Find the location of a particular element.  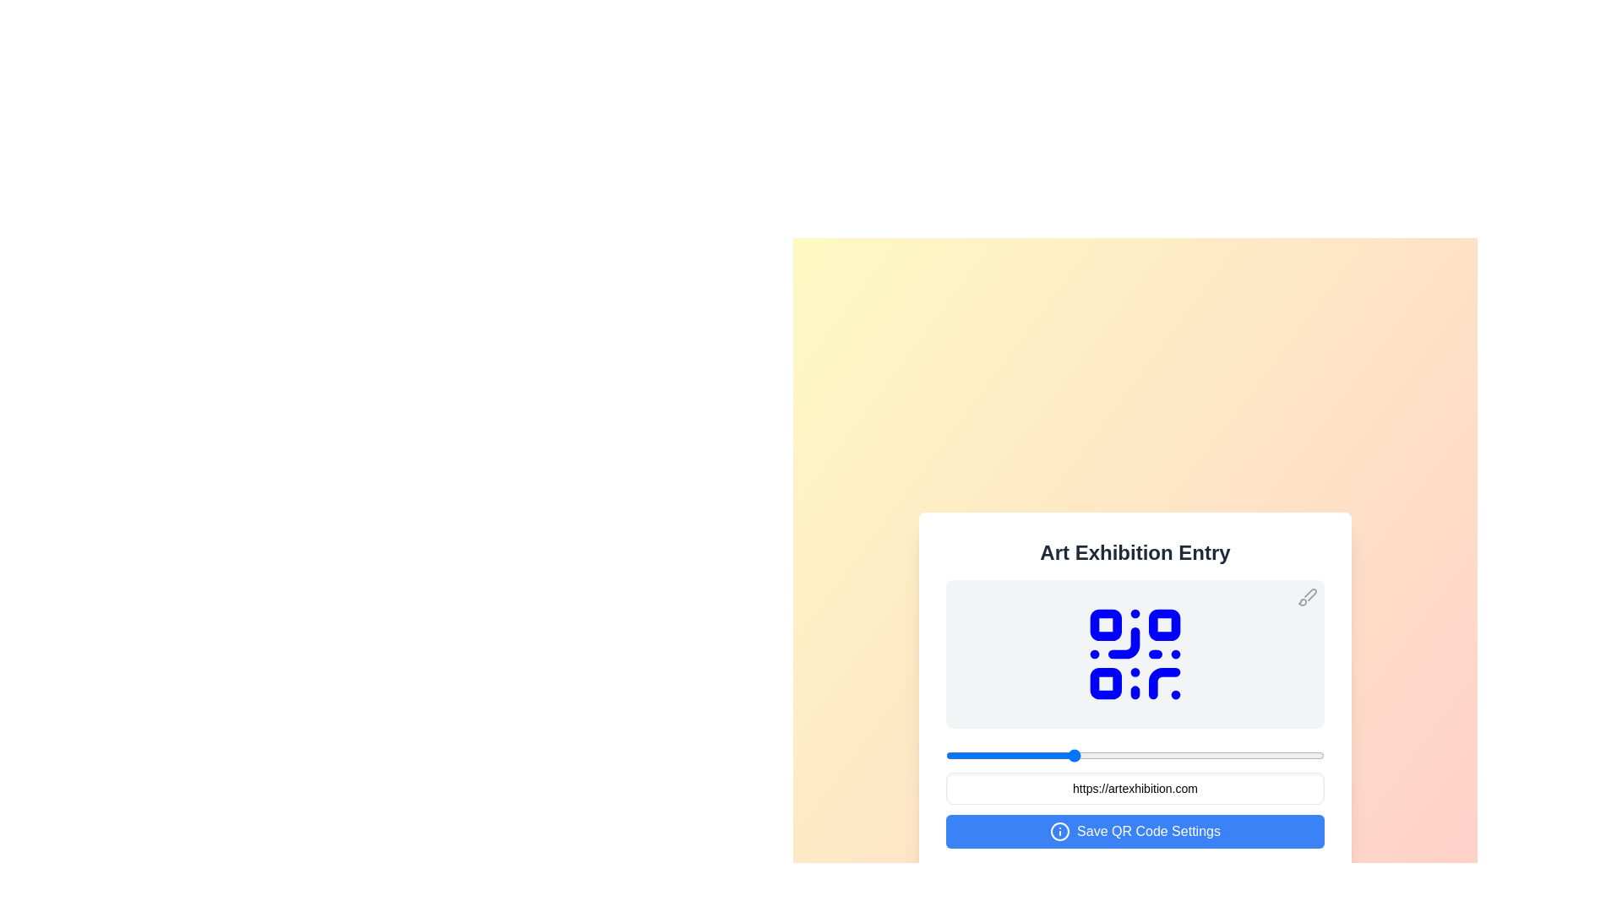

the top-left square of the QR code within the 'Art Exhibition Entry' section, which visually constitutes part of the QR code is located at coordinates (1106, 625).